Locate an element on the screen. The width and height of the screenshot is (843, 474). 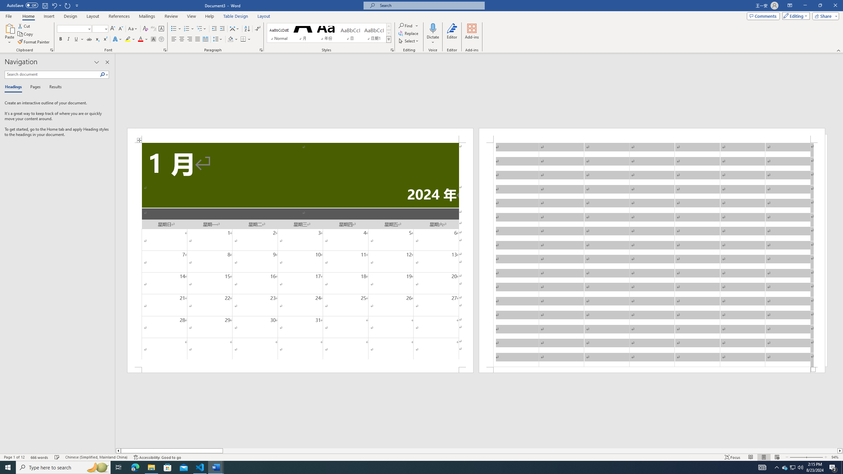
'Align Left' is located at coordinates (174, 39).